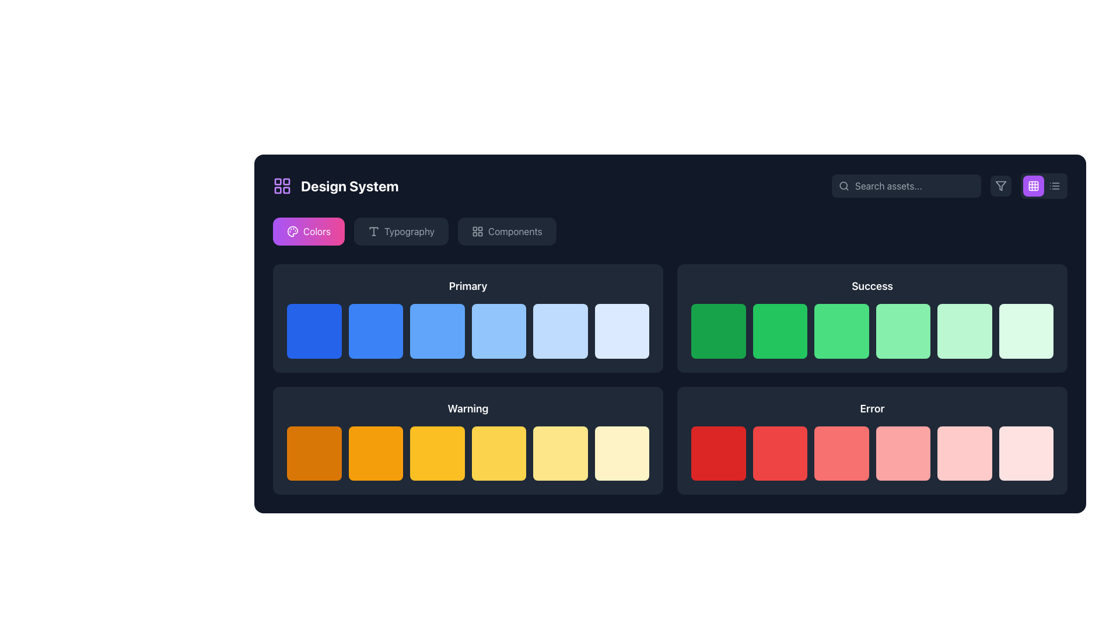 This screenshot has width=1120, height=630. Describe the element at coordinates (622, 332) in the screenshot. I see `the rounded square visual element that is part of the 'Primary' color palette group, located on the rightmost side among peers, and aligned vertically with the Success and Warning sections` at that location.